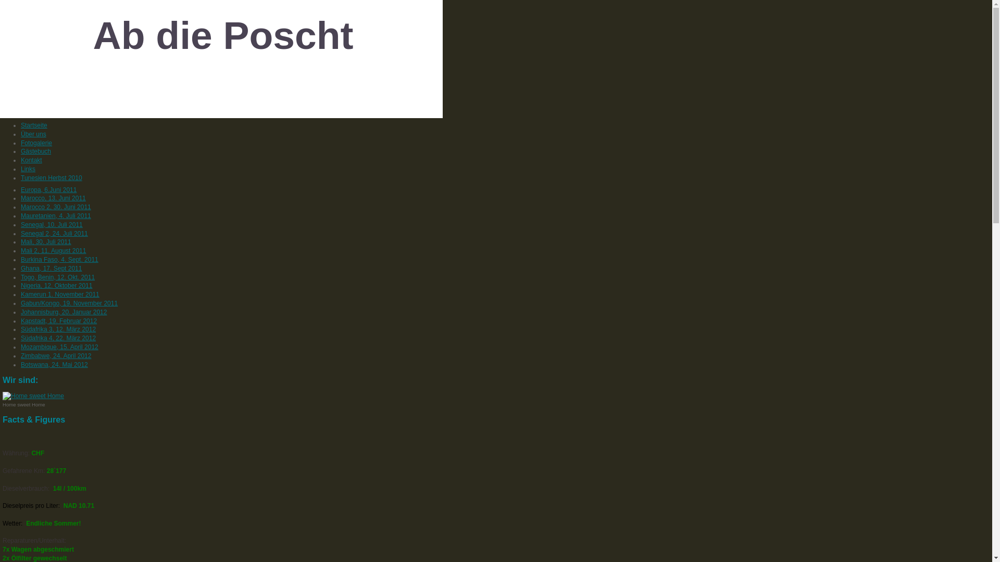  What do you see at coordinates (20, 198) in the screenshot?
I see `'Marocco, 13. Juni 2011'` at bounding box center [20, 198].